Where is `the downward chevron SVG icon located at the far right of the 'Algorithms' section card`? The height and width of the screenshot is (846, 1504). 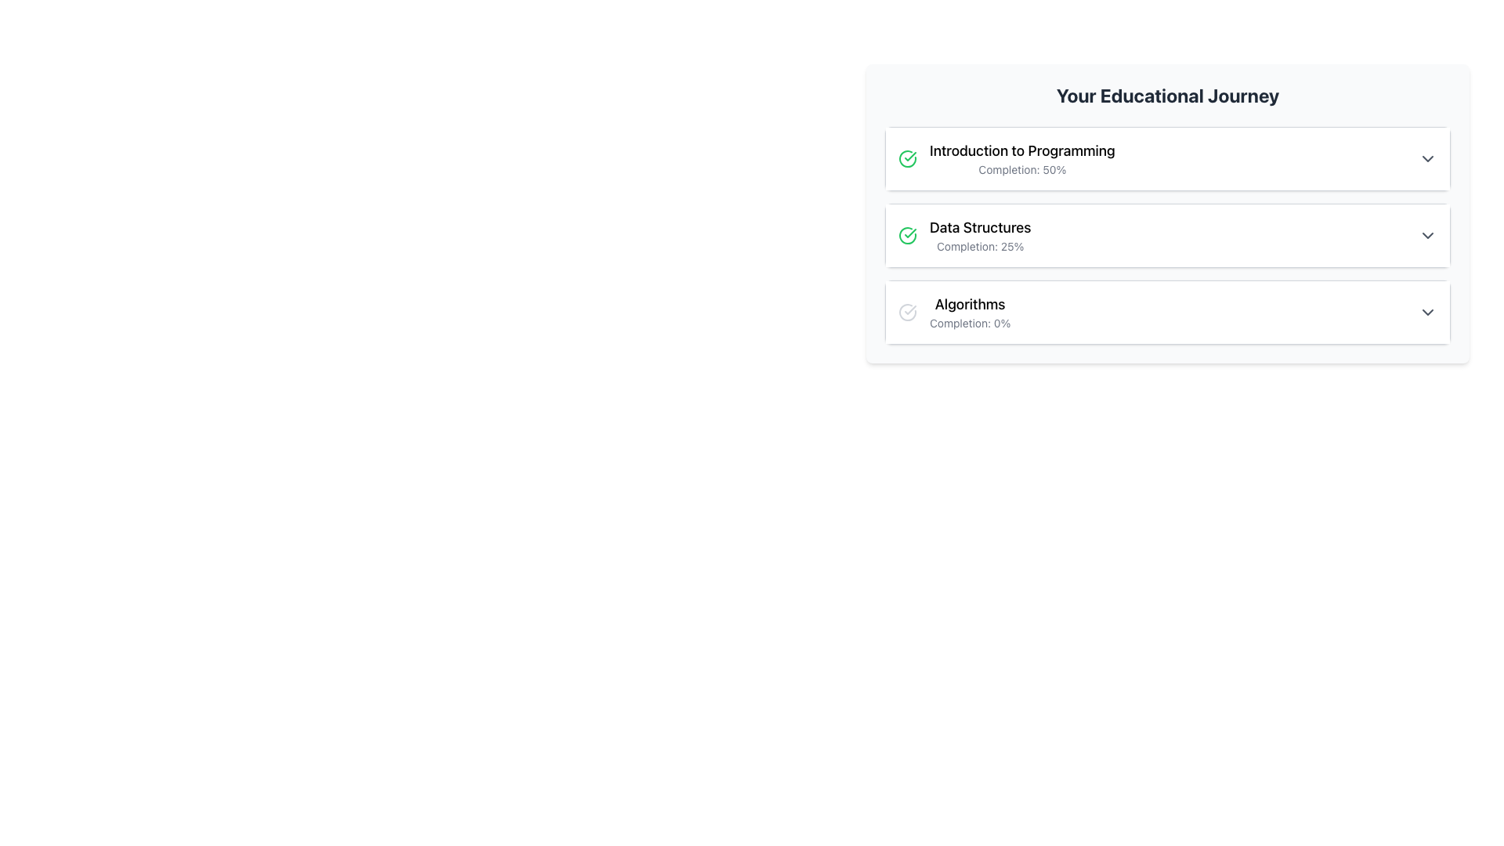 the downward chevron SVG icon located at the far right of the 'Algorithms' section card is located at coordinates (1428, 312).